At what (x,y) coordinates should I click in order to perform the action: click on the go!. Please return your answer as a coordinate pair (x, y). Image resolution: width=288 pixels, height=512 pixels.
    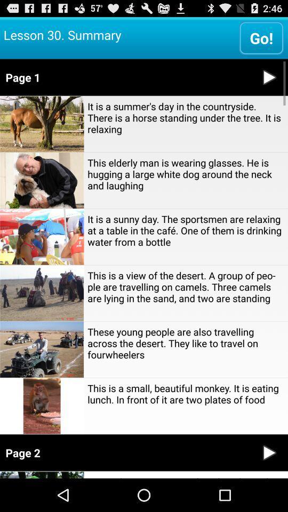
    Looking at the image, I should click on (261, 37).